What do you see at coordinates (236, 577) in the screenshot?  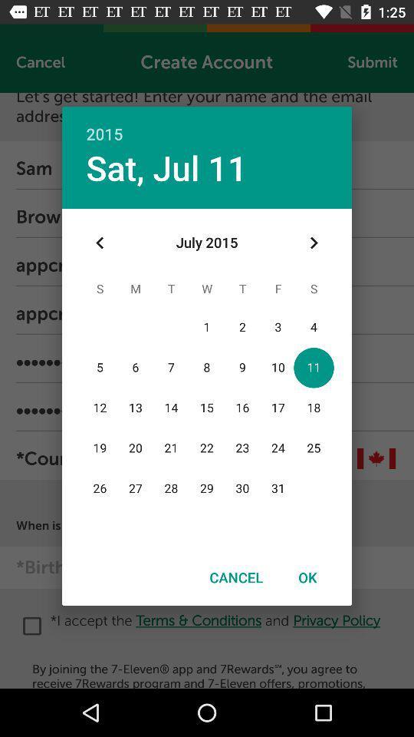 I see `the icon to the left of the ok` at bounding box center [236, 577].